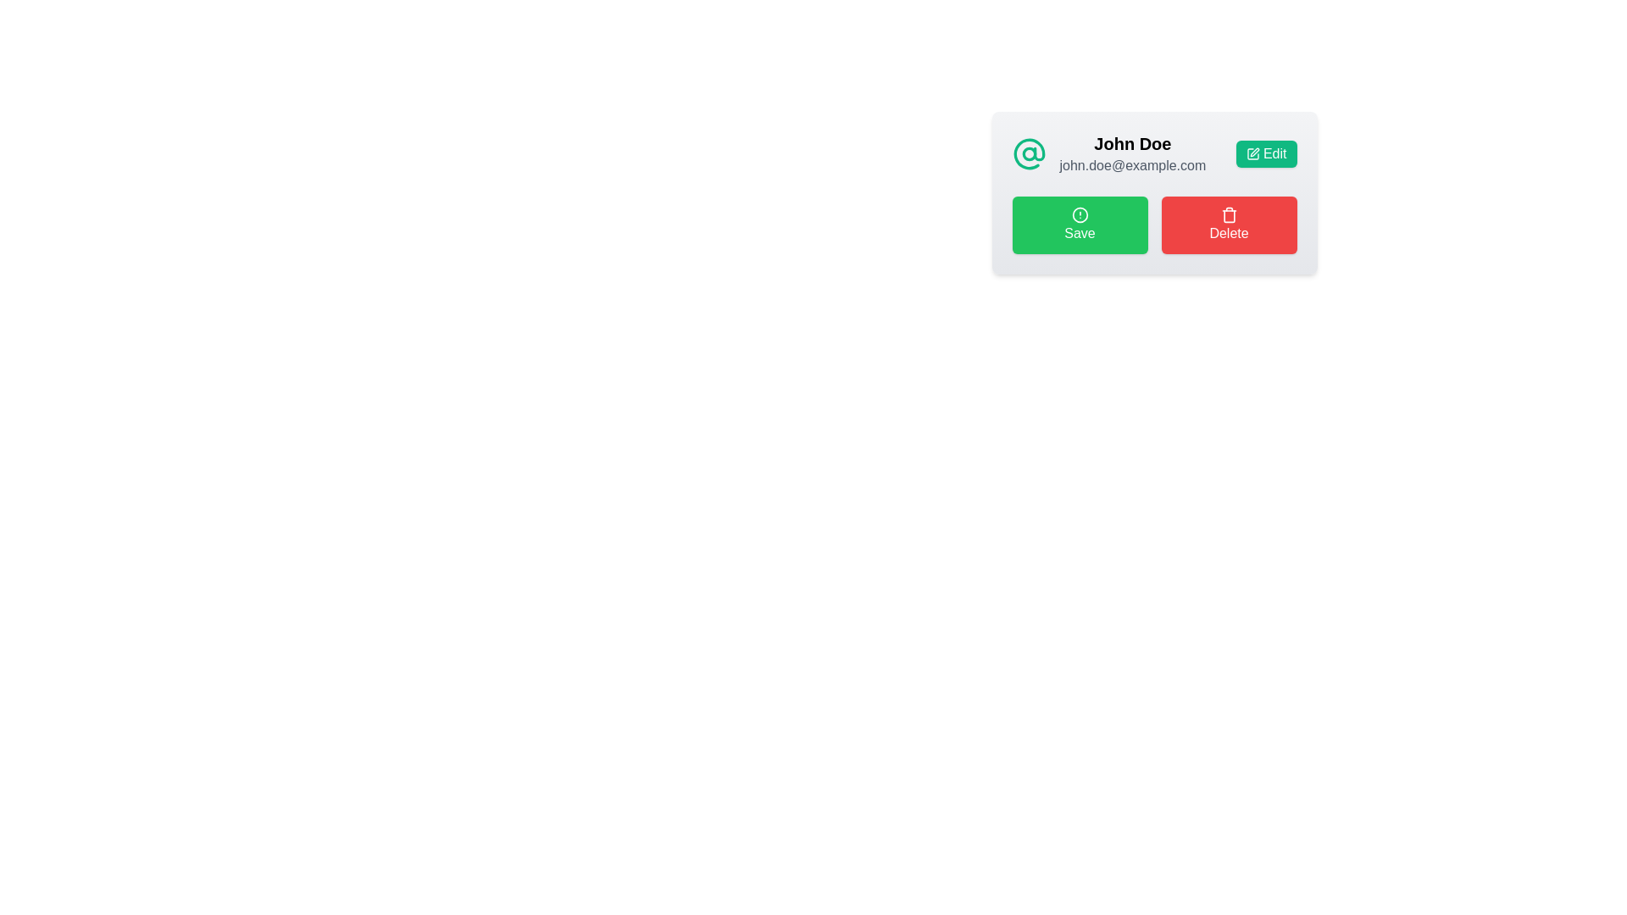 The width and height of the screenshot is (1627, 915). I want to click on the 'Edit' button icon located, so click(1252, 153).